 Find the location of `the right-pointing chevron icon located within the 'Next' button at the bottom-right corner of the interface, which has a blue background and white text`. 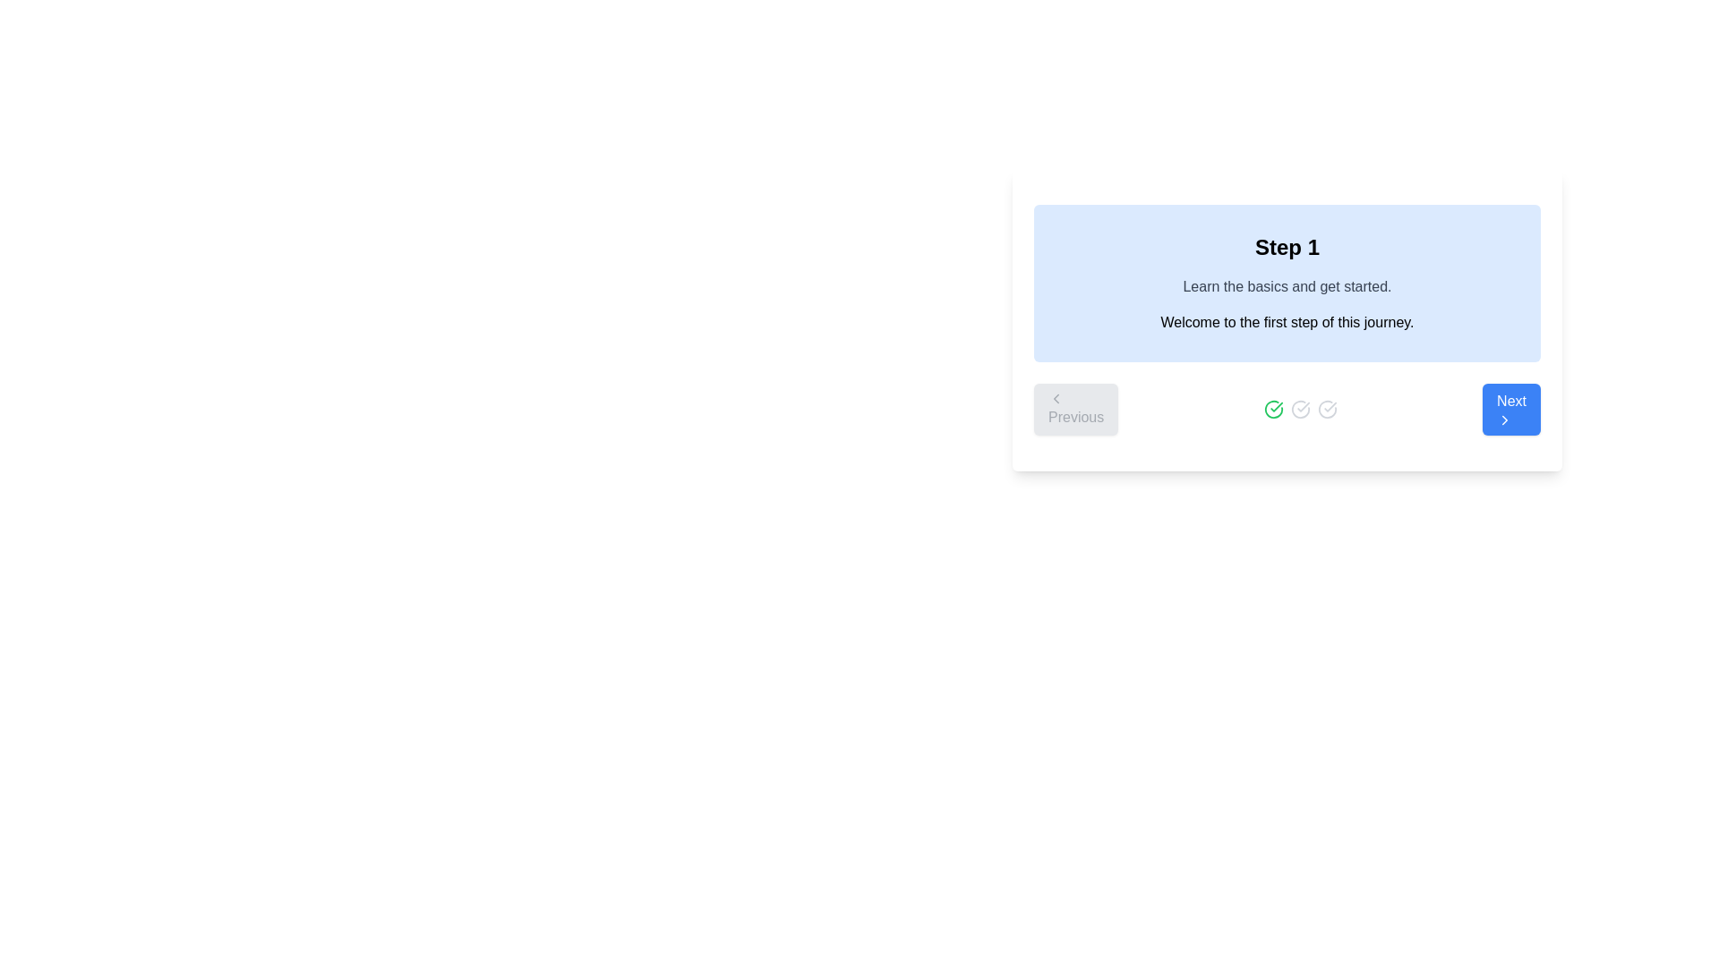

the right-pointing chevron icon located within the 'Next' button at the bottom-right corner of the interface, which has a blue background and white text is located at coordinates (1504, 420).